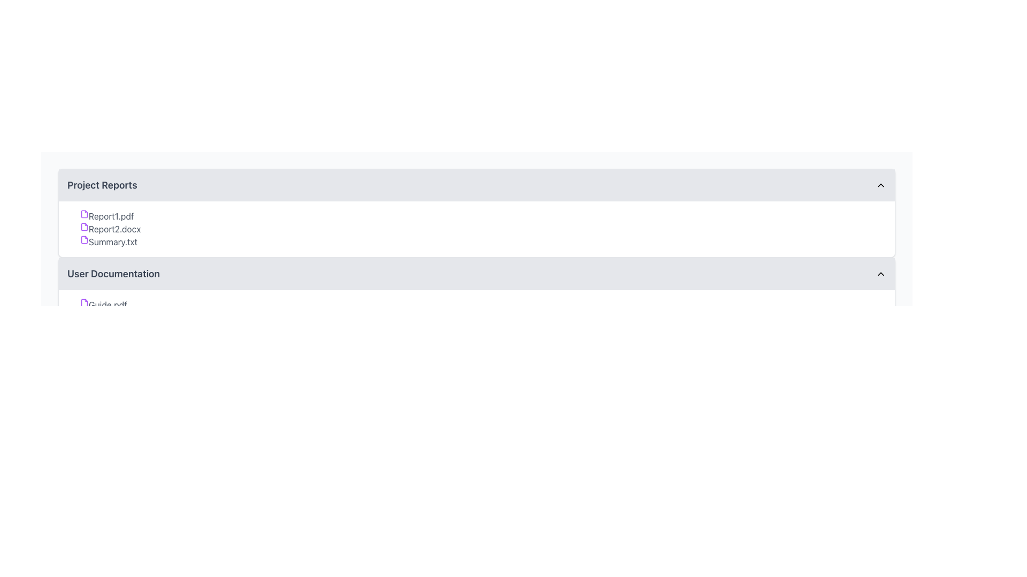  I want to click on the PDF file icon labeled 'Guide.pdf' located under the 'User Documentation' section, so click(84, 303).